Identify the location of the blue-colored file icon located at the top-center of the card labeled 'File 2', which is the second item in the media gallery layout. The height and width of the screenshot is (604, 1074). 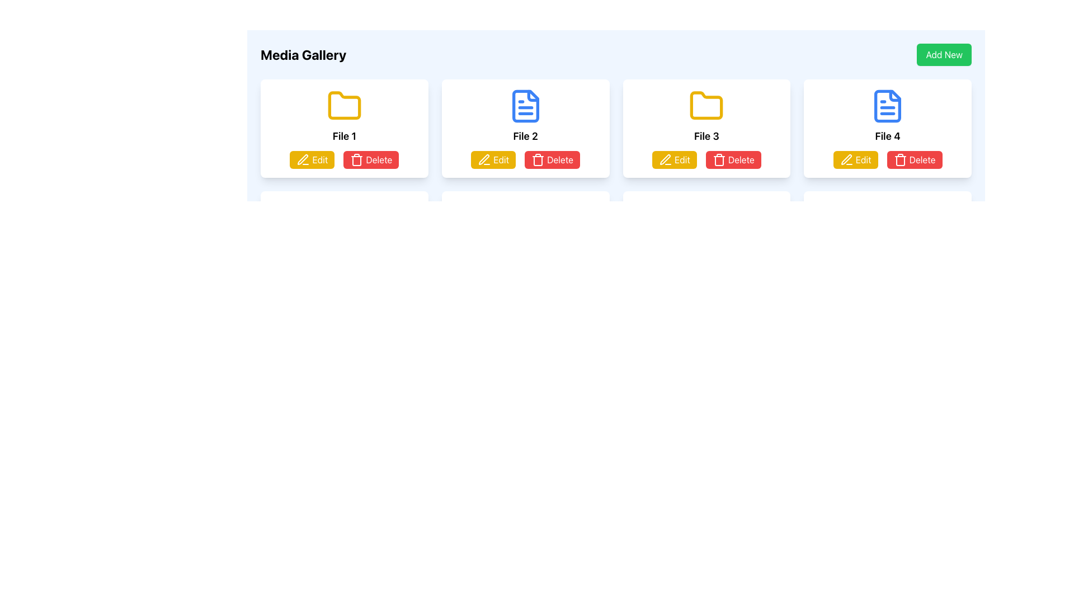
(525, 106).